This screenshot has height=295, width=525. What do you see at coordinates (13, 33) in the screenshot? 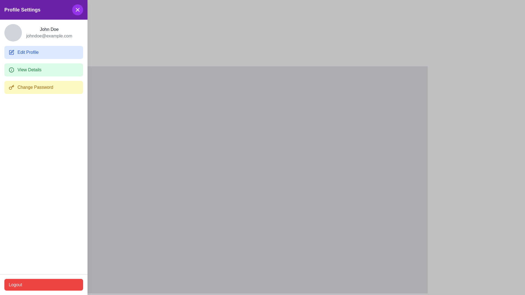
I see `the Profile avatar placeholder located in the upper left corner of the panel next to 'John Doe' and 'johndoe@example.com'` at bounding box center [13, 33].